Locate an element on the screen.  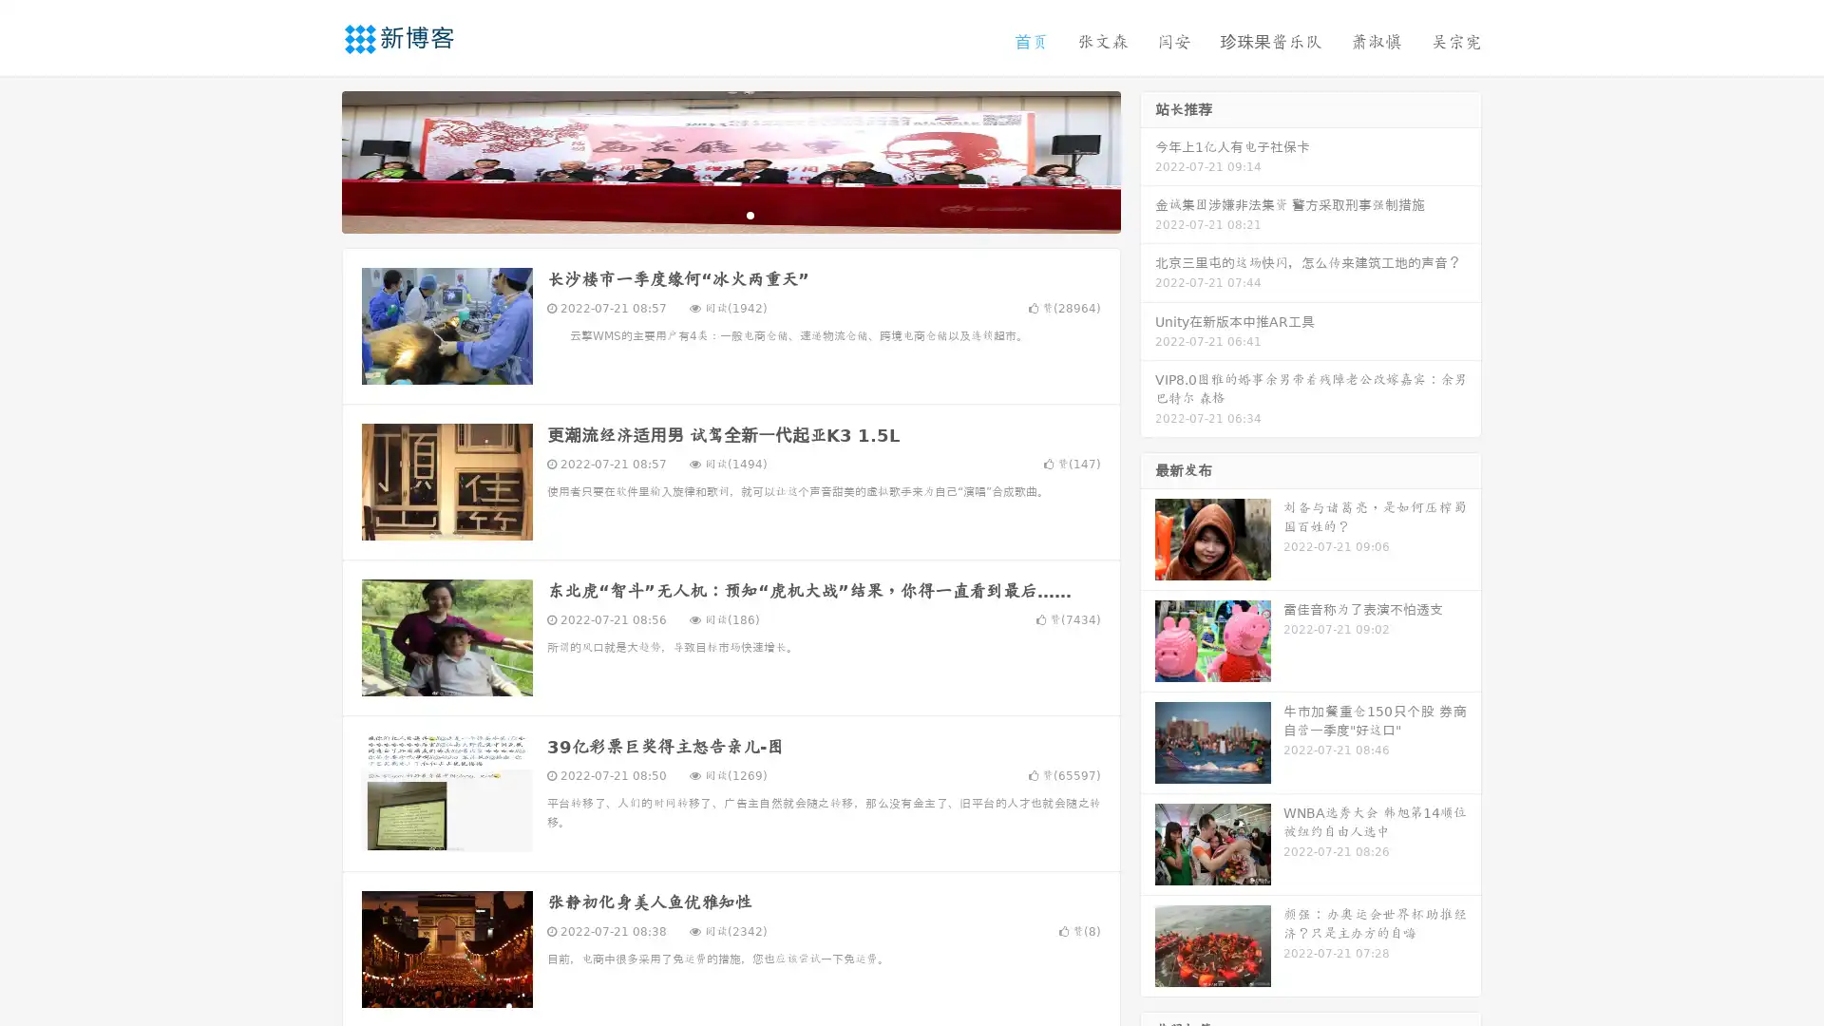
Go to slide 2 is located at coordinates (730, 214).